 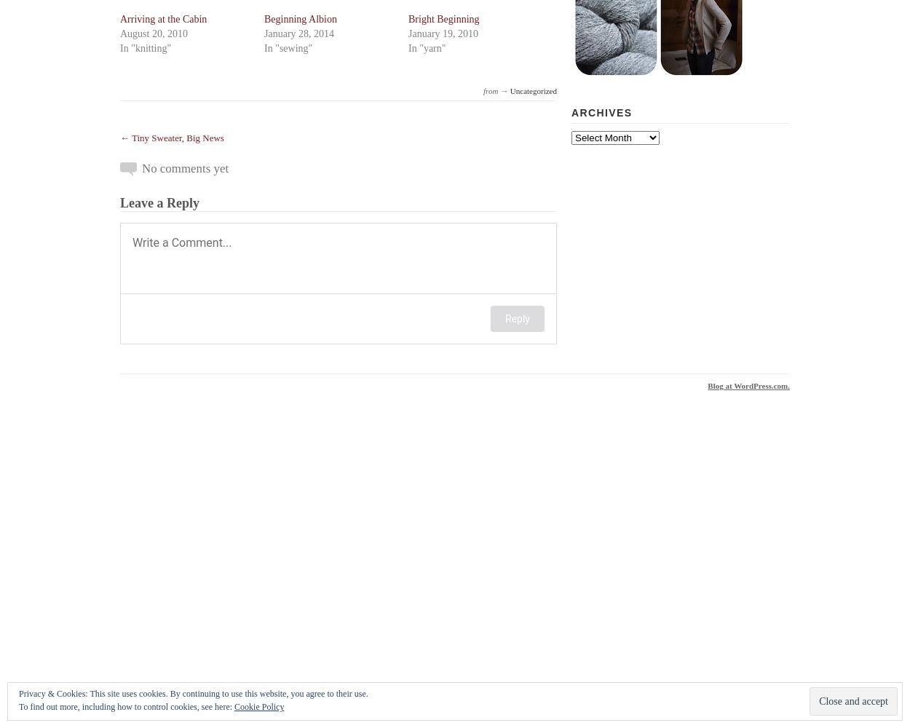 What do you see at coordinates (185, 167) in the screenshot?
I see `'No comments yet'` at bounding box center [185, 167].